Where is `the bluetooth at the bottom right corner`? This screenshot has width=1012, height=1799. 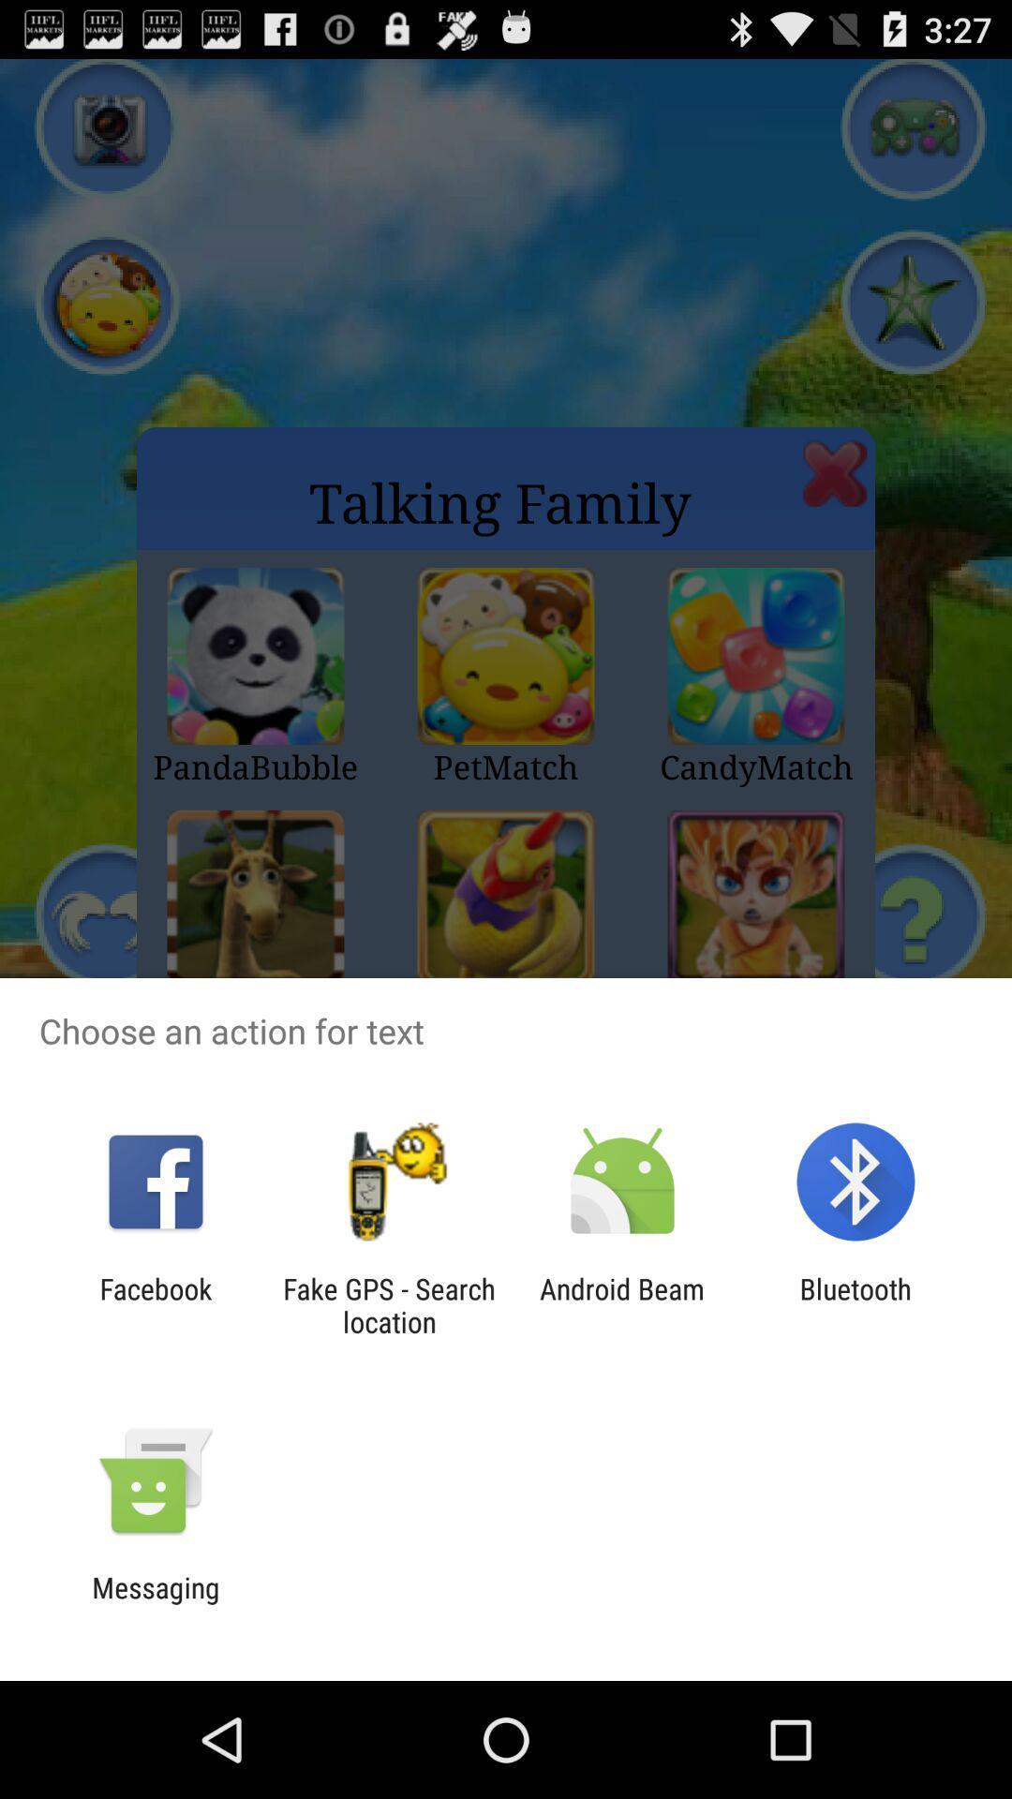
the bluetooth at the bottom right corner is located at coordinates (856, 1304).